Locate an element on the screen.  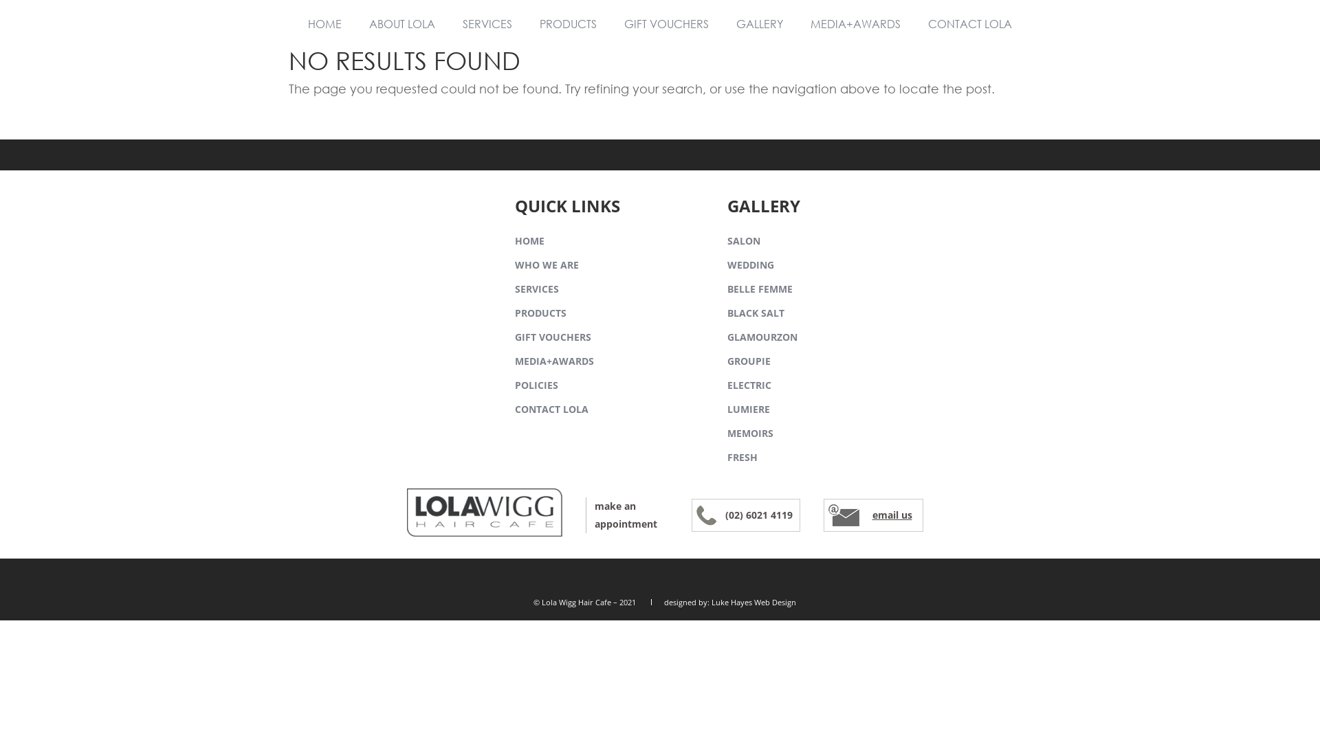
'HOME' is located at coordinates (324, 23).